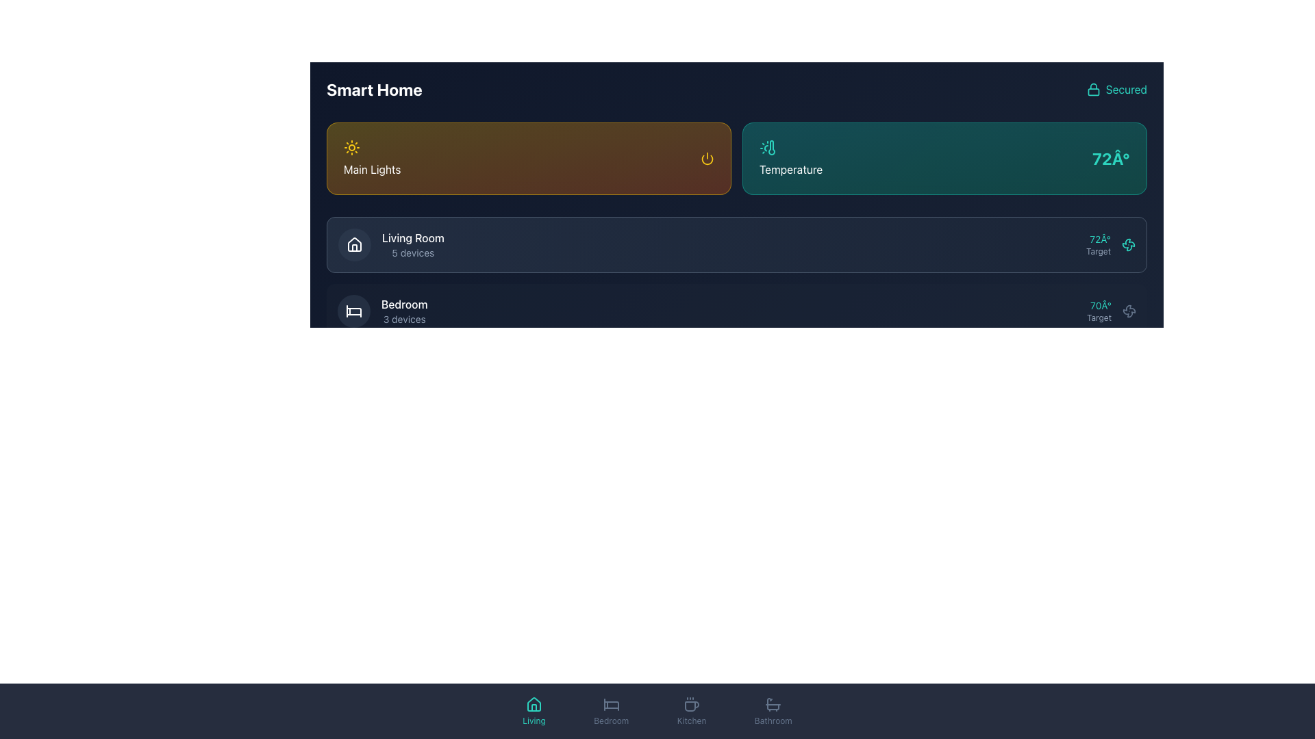  What do you see at coordinates (1128, 244) in the screenshot?
I see `the SVG fan icon with teal-colored outlines that is positioned to the right of the '72°' temperature indicator within the 'Target' section in the 'Living Room'` at bounding box center [1128, 244].